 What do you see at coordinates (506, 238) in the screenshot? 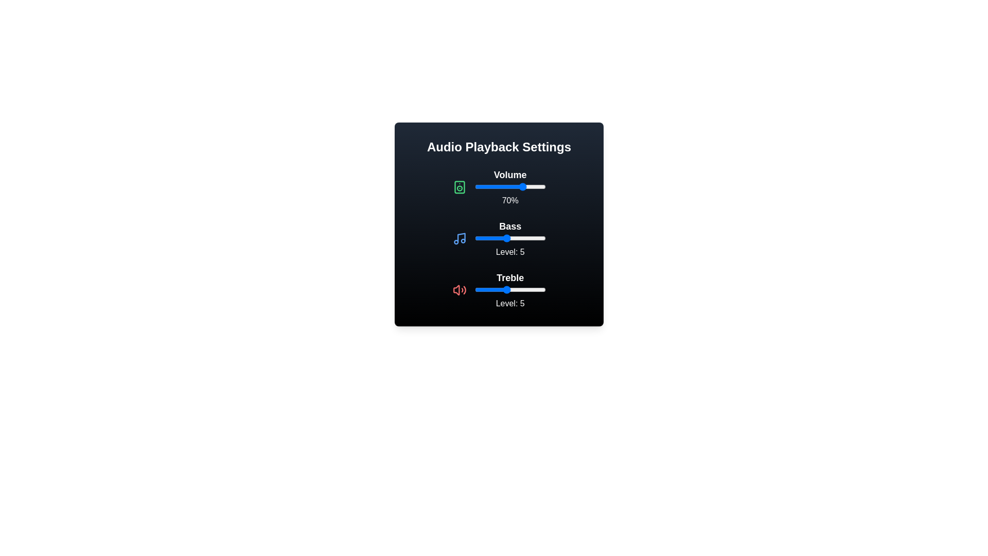
I see `bass level` at bounding box center [506, 238].